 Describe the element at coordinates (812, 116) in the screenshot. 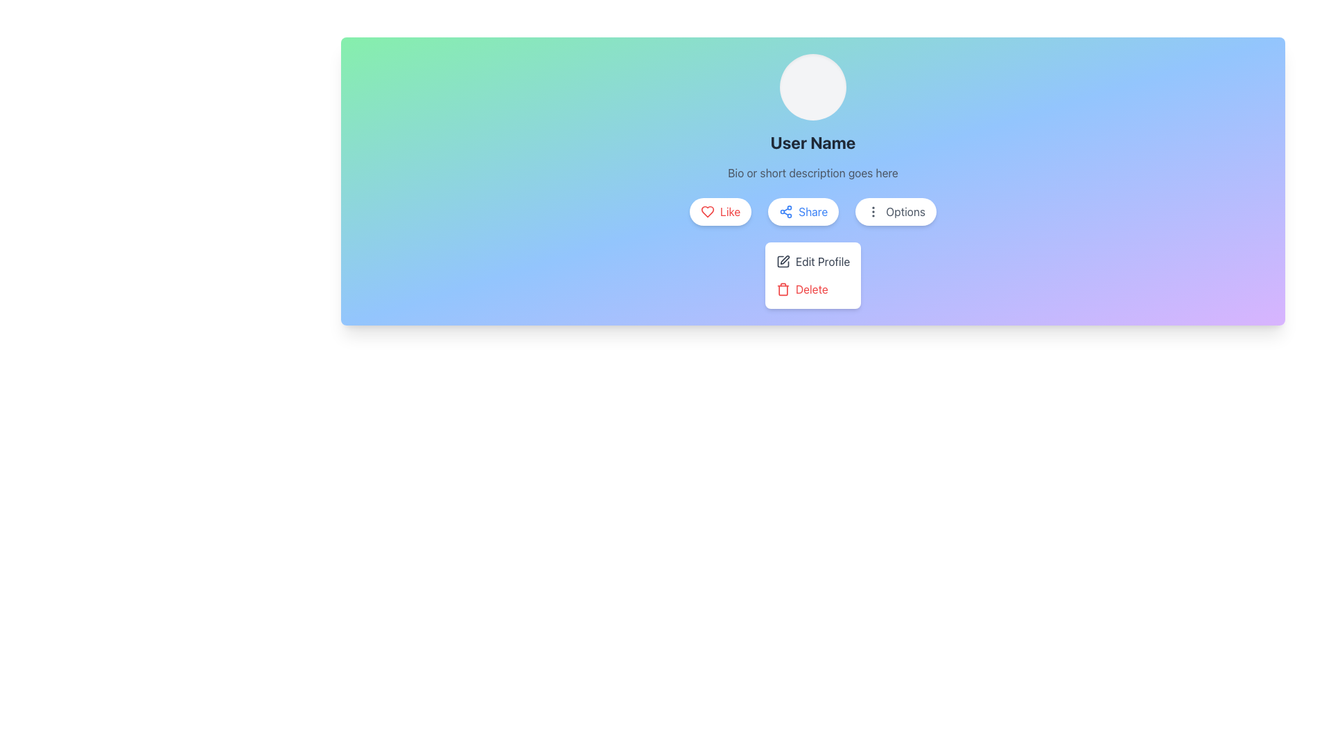

I see `on the Profile Header element located at the upper section of the user profile card` at that location.